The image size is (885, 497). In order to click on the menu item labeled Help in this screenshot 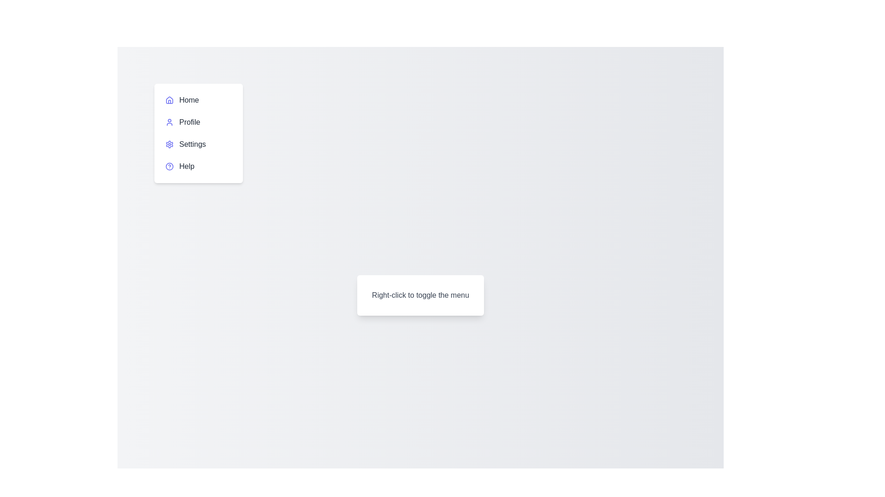, I will do `click(198, 167)`.